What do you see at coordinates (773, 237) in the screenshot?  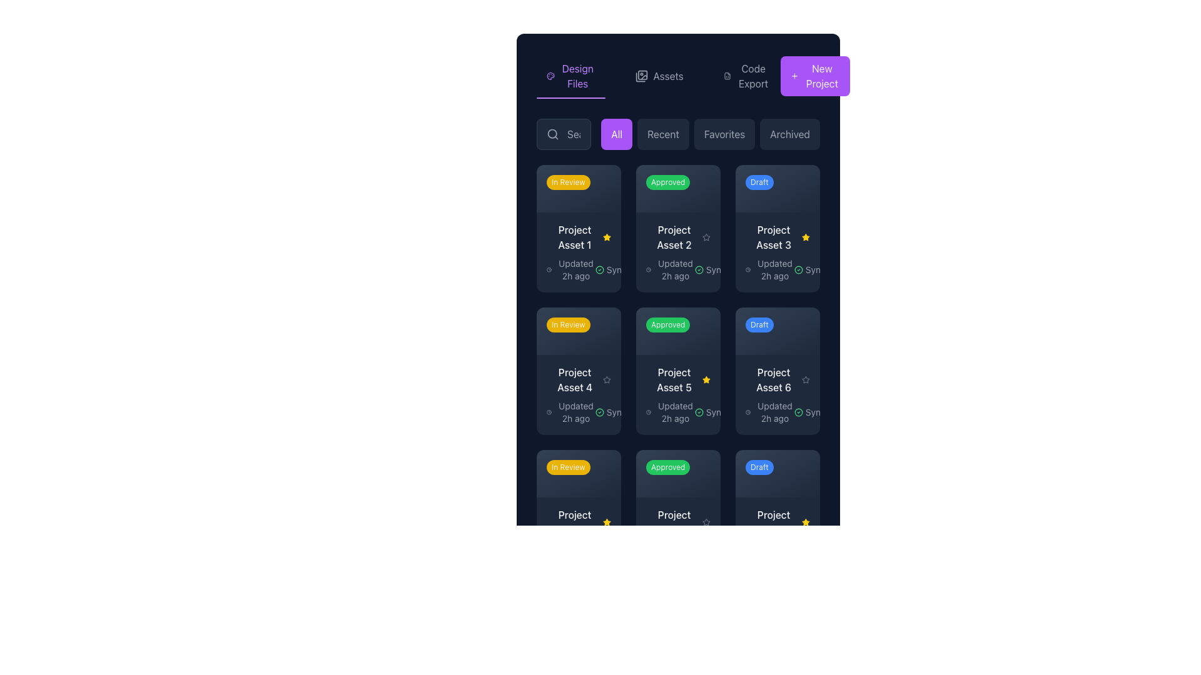 I see `on the text label displaying 'Project Asset 3' located inside the third card of the second row in the grid layout` at bounding box center [773, 237].